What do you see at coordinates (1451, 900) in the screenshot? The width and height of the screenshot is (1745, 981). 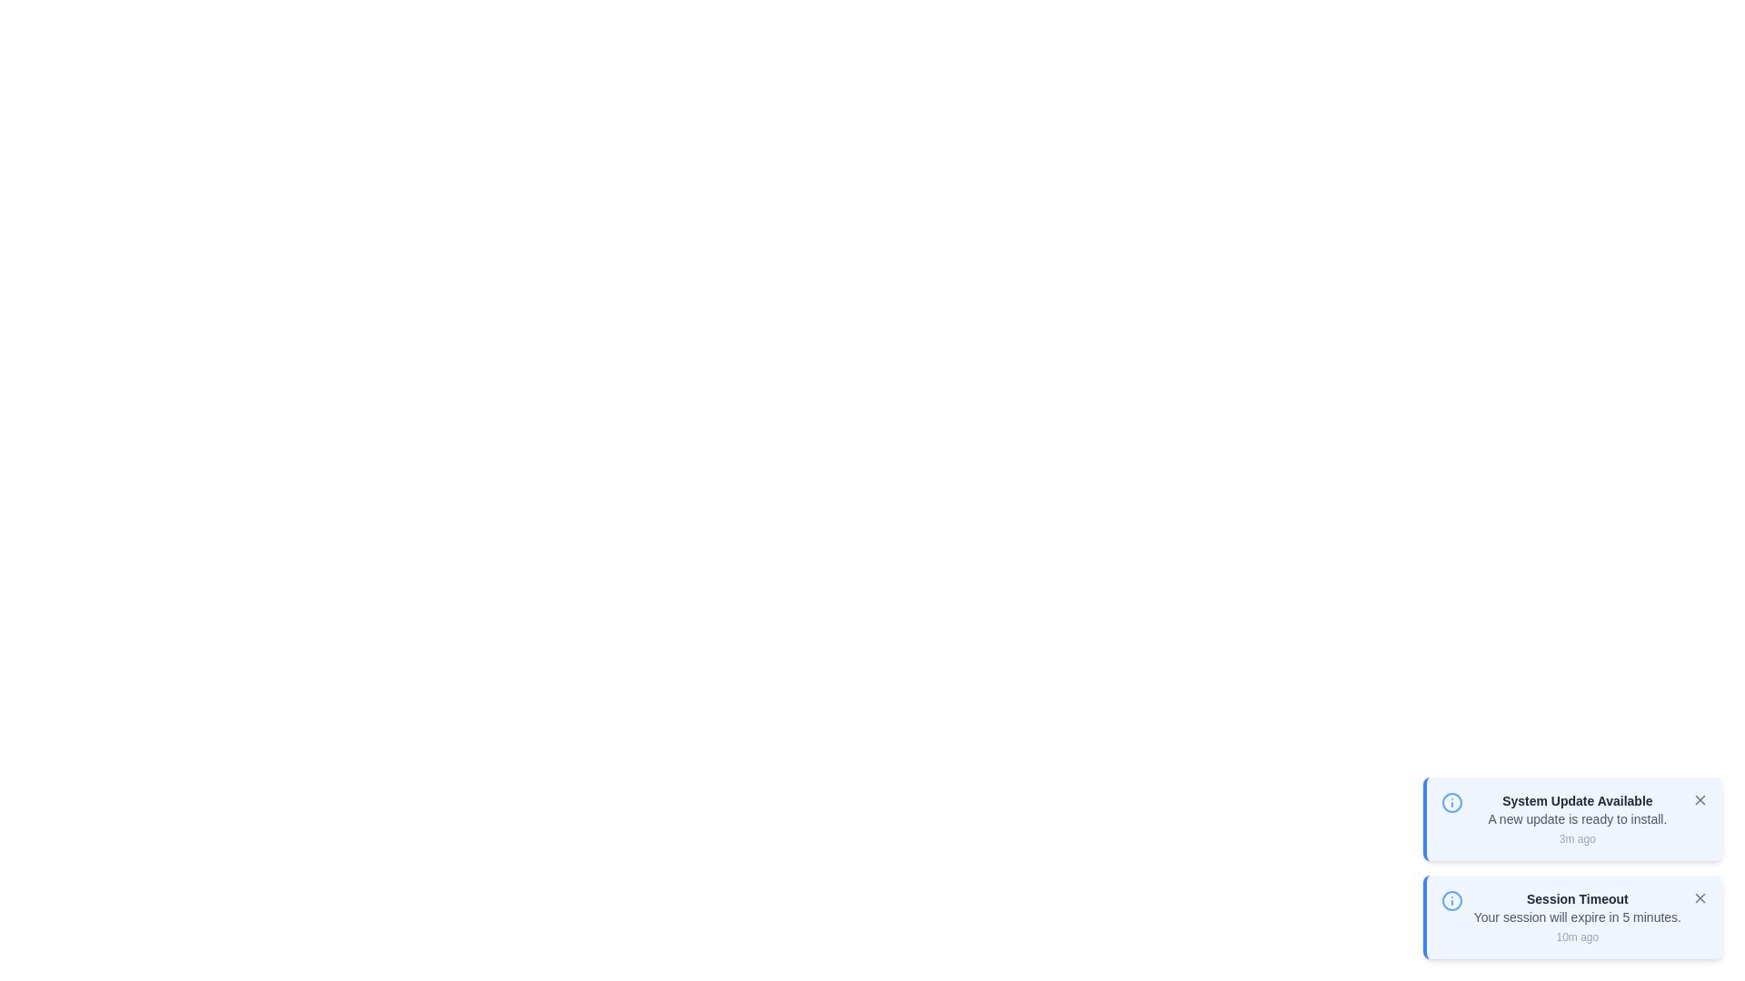 I see `the notification icon for Session Timeout` at bounding box center [1451, 900].